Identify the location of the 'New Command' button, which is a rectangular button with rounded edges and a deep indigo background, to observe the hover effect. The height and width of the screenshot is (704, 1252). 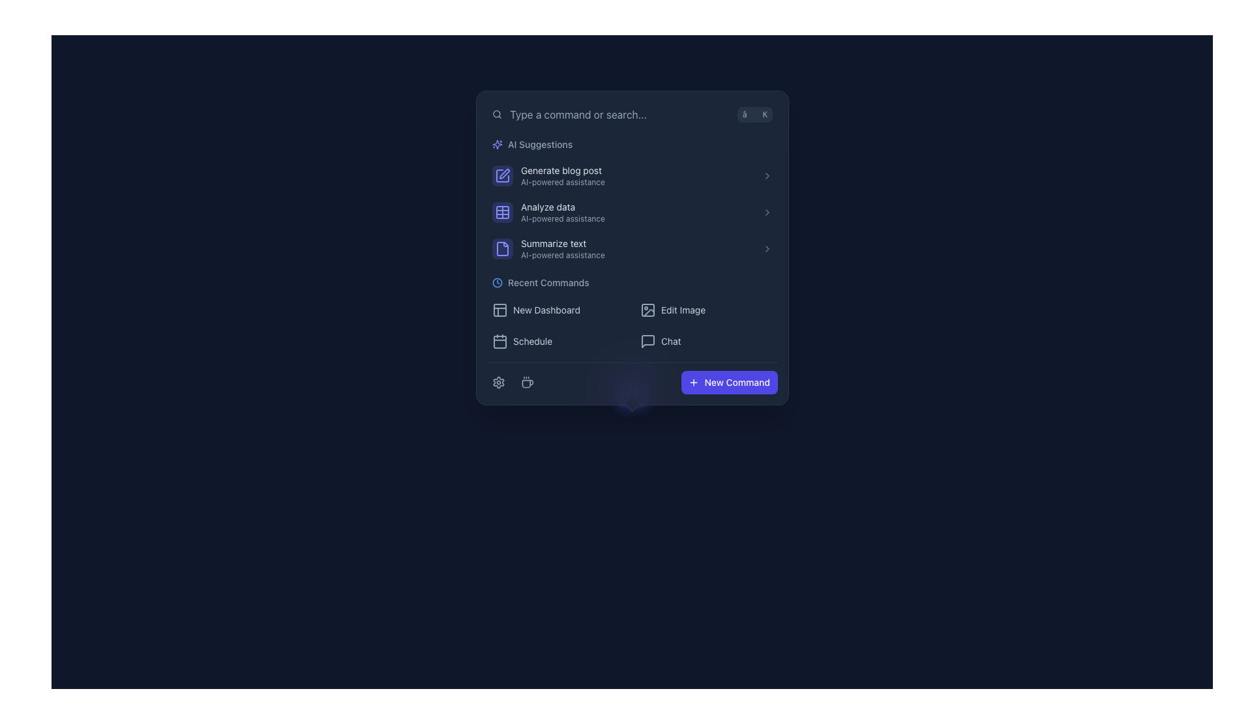
(728, 381).